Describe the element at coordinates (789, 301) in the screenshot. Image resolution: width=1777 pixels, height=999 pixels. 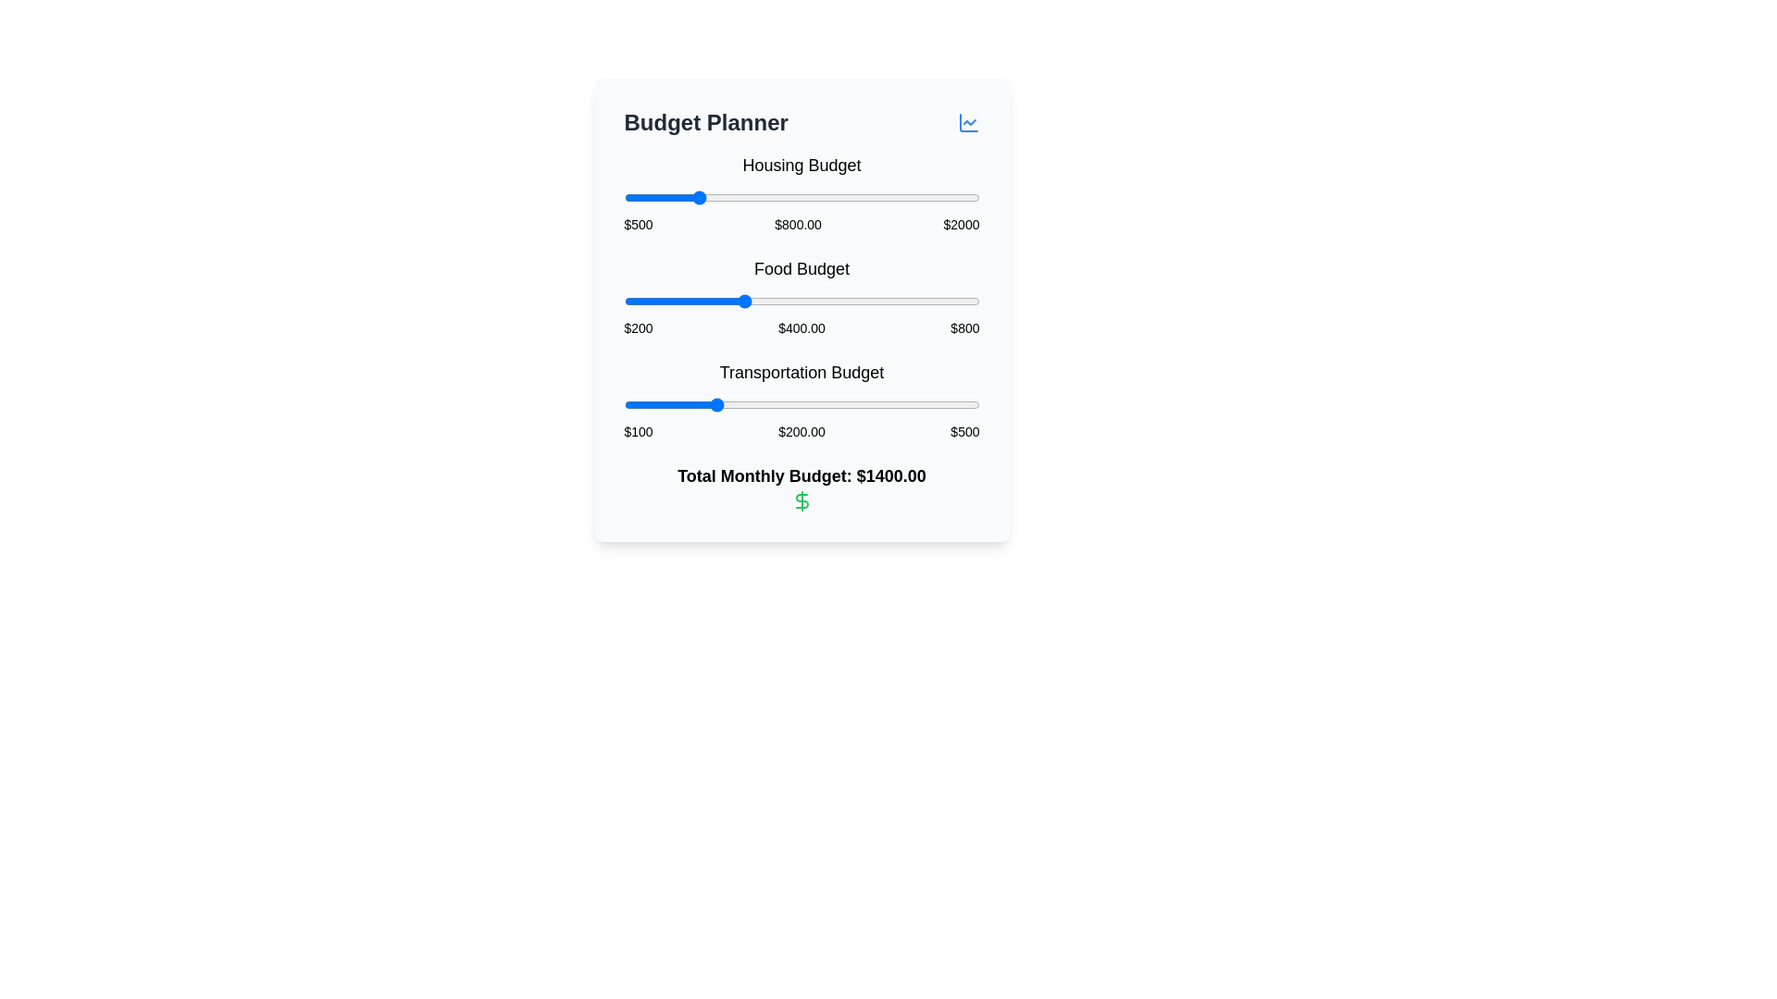
I see `the Food Budget slider` at that location.